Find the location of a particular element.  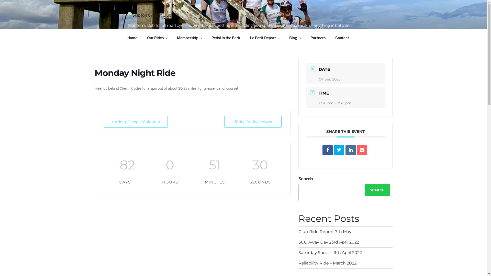

'Pedal in the Park' is located at coordinates (226, 37).